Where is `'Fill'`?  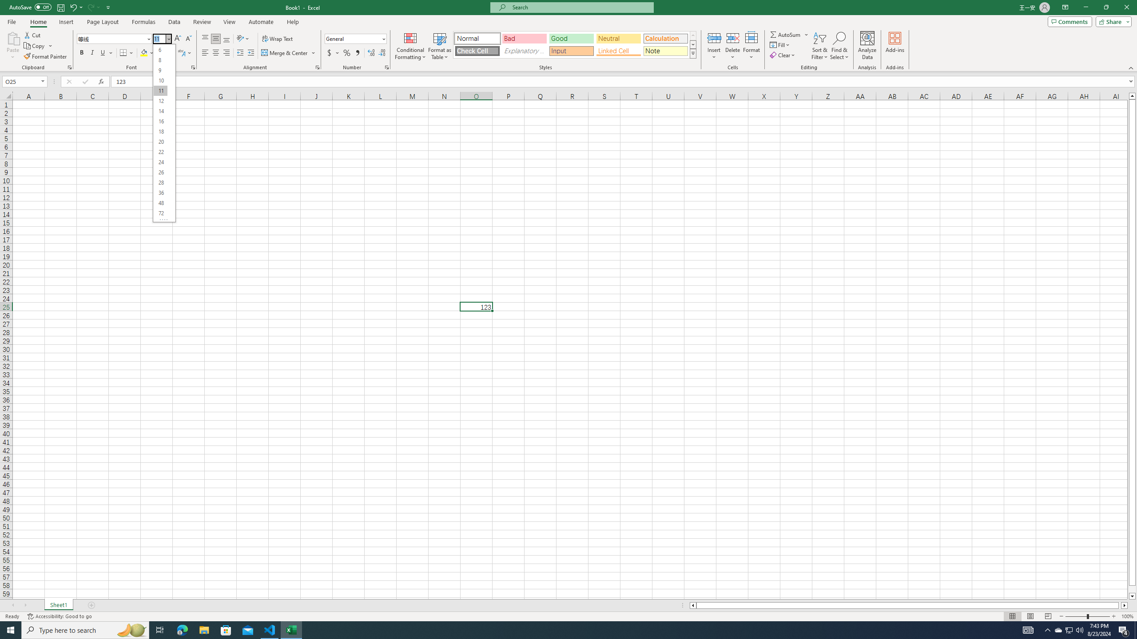 'Fill' is located at coordinates (780, 44).